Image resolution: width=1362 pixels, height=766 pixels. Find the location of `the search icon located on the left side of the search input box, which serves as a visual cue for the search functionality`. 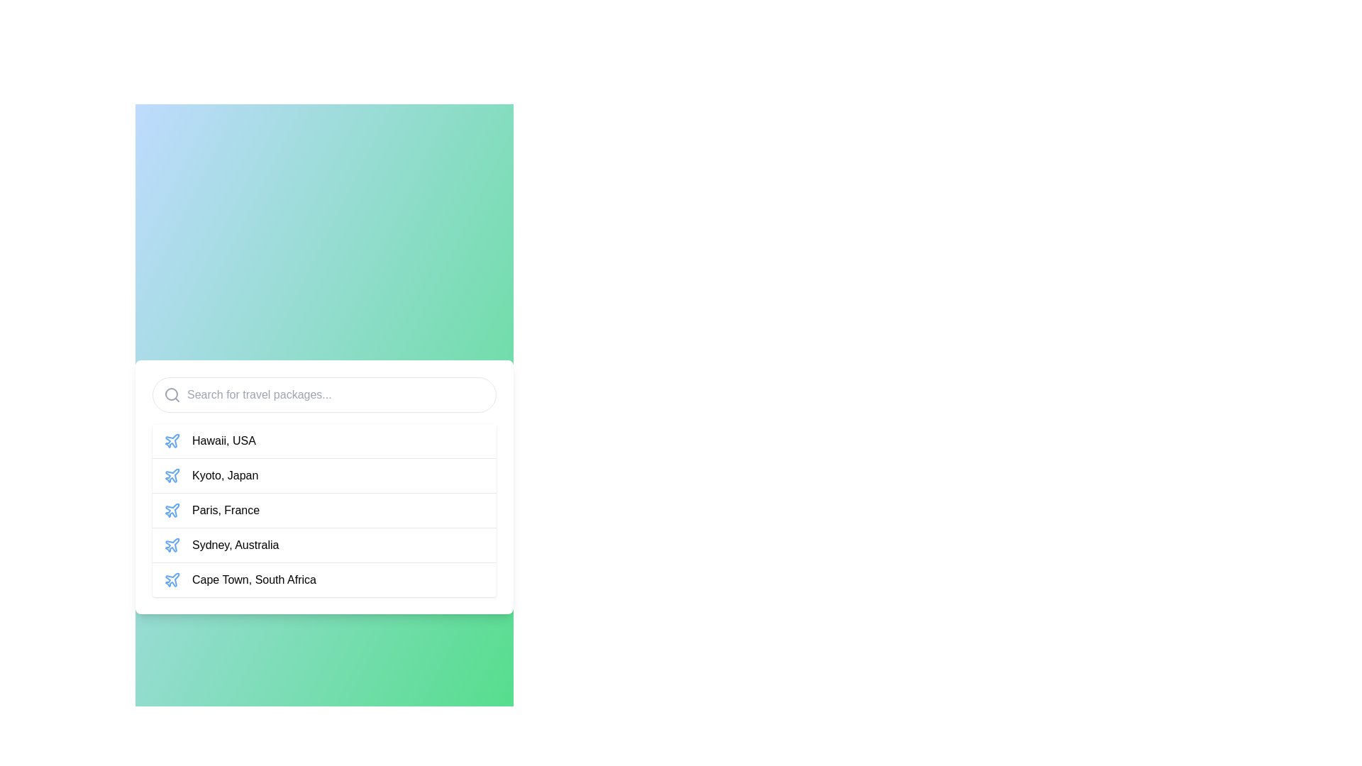

the search icon located on the left side of the search input box, which serves as a visual cue for the search functionality is located at coordinates (172, 394).